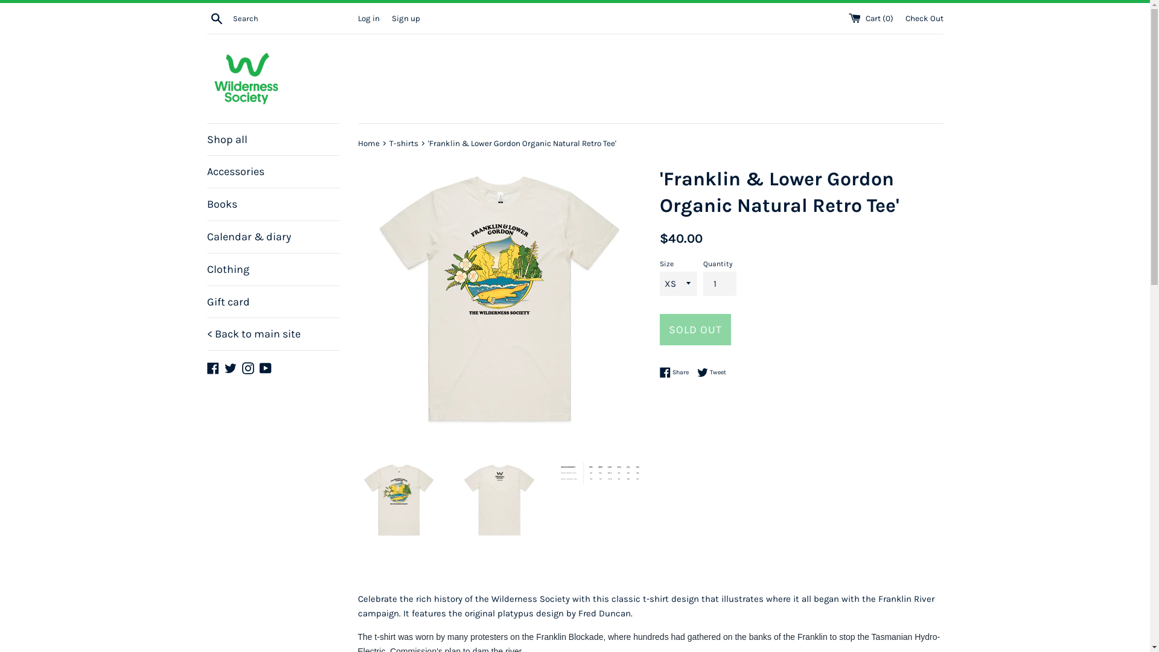  Describe the element at coordinates (677, 372) in the screenshot. I see `'Share` at that location.